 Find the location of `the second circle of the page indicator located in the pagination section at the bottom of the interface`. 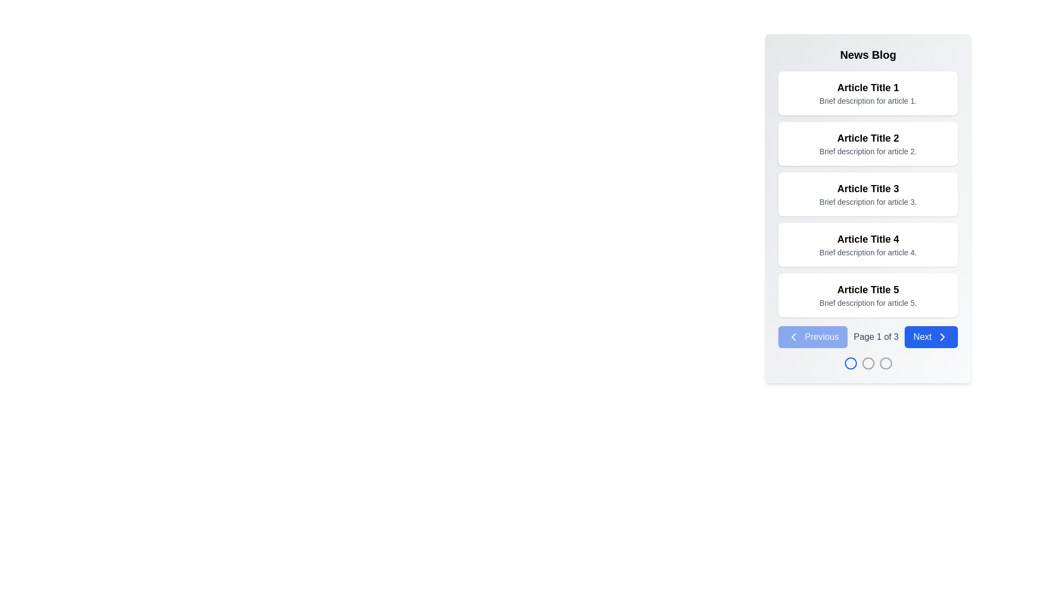

the second circle of the page indicator located in the pagination section at the bottom of the interface is located at coordinates (867, 363).